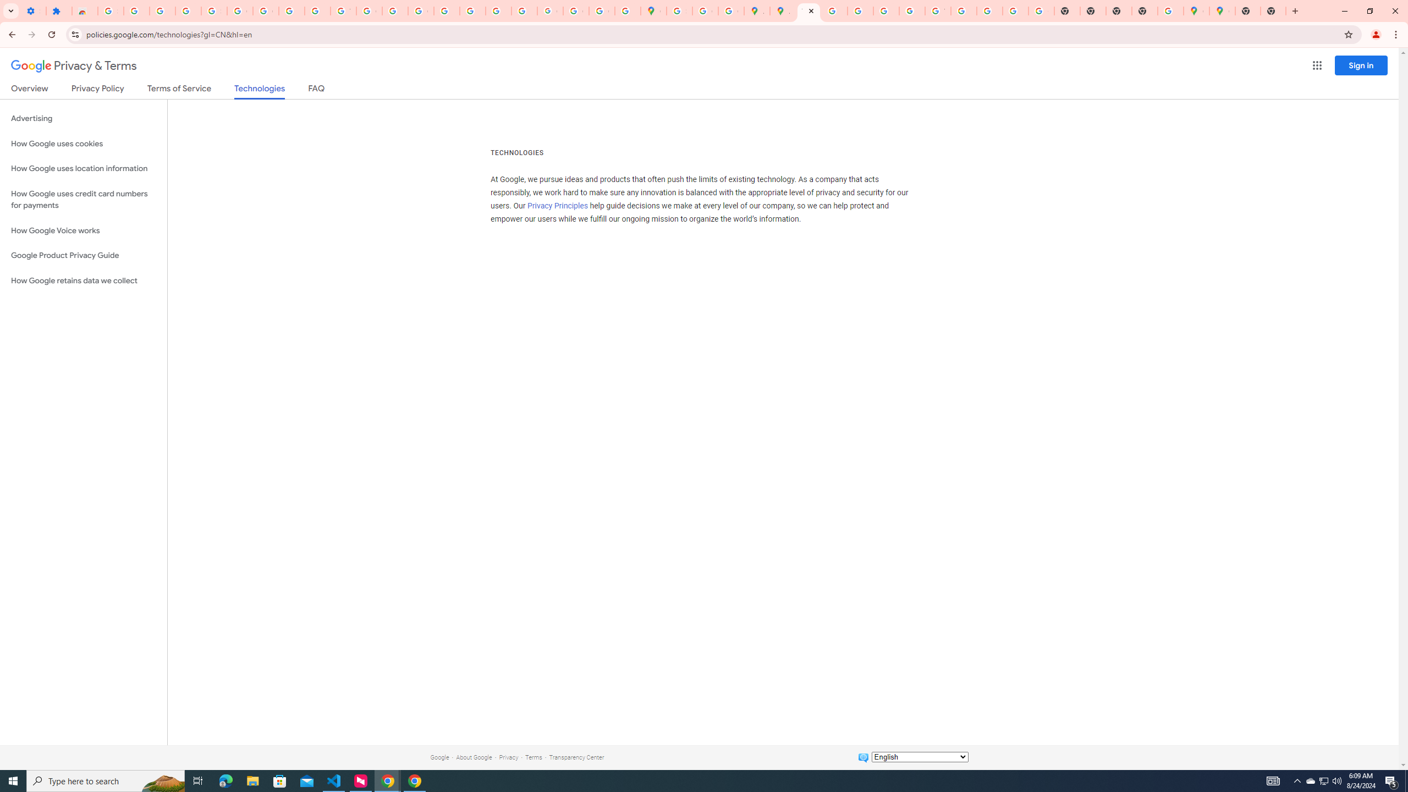 The image size is (1408, 792). What do you see at coordinates (1361, 65) in the screenshot?
I see `'Sign in'` at bounding box center [1361, 65].